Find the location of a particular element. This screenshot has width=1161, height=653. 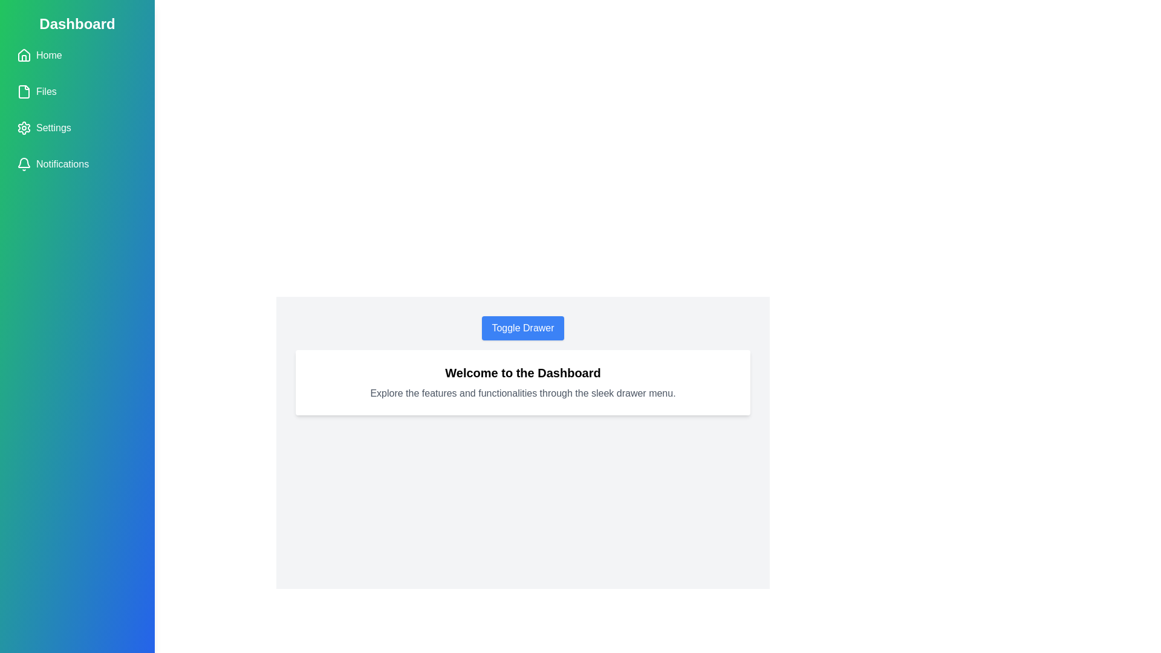

the menu item Home to navigate is located at coordinates (77, 56).